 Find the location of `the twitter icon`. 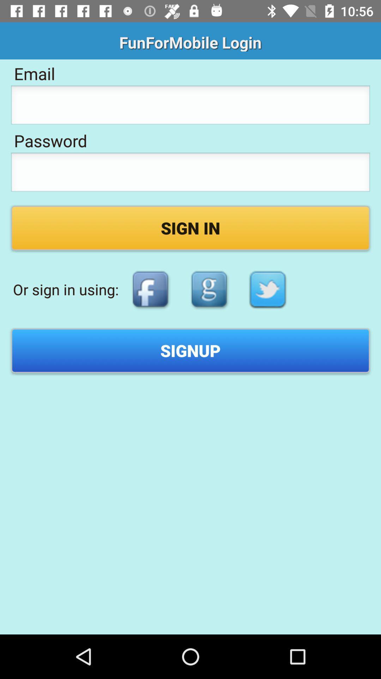

the twitter icon is located at coordinates (268, 289).